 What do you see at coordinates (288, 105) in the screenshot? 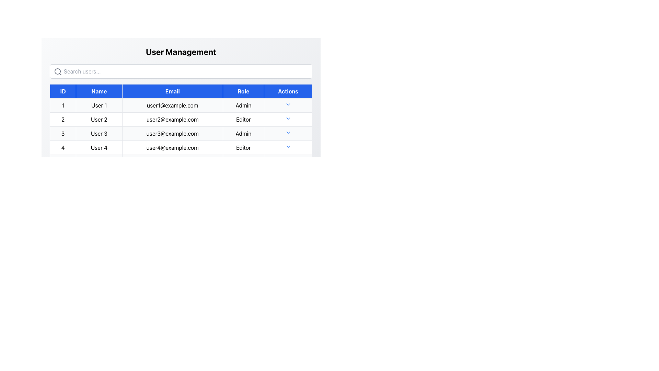
I see `the dropdown button in the 'Actions' column of the first row` at bounding box center [288, 105].